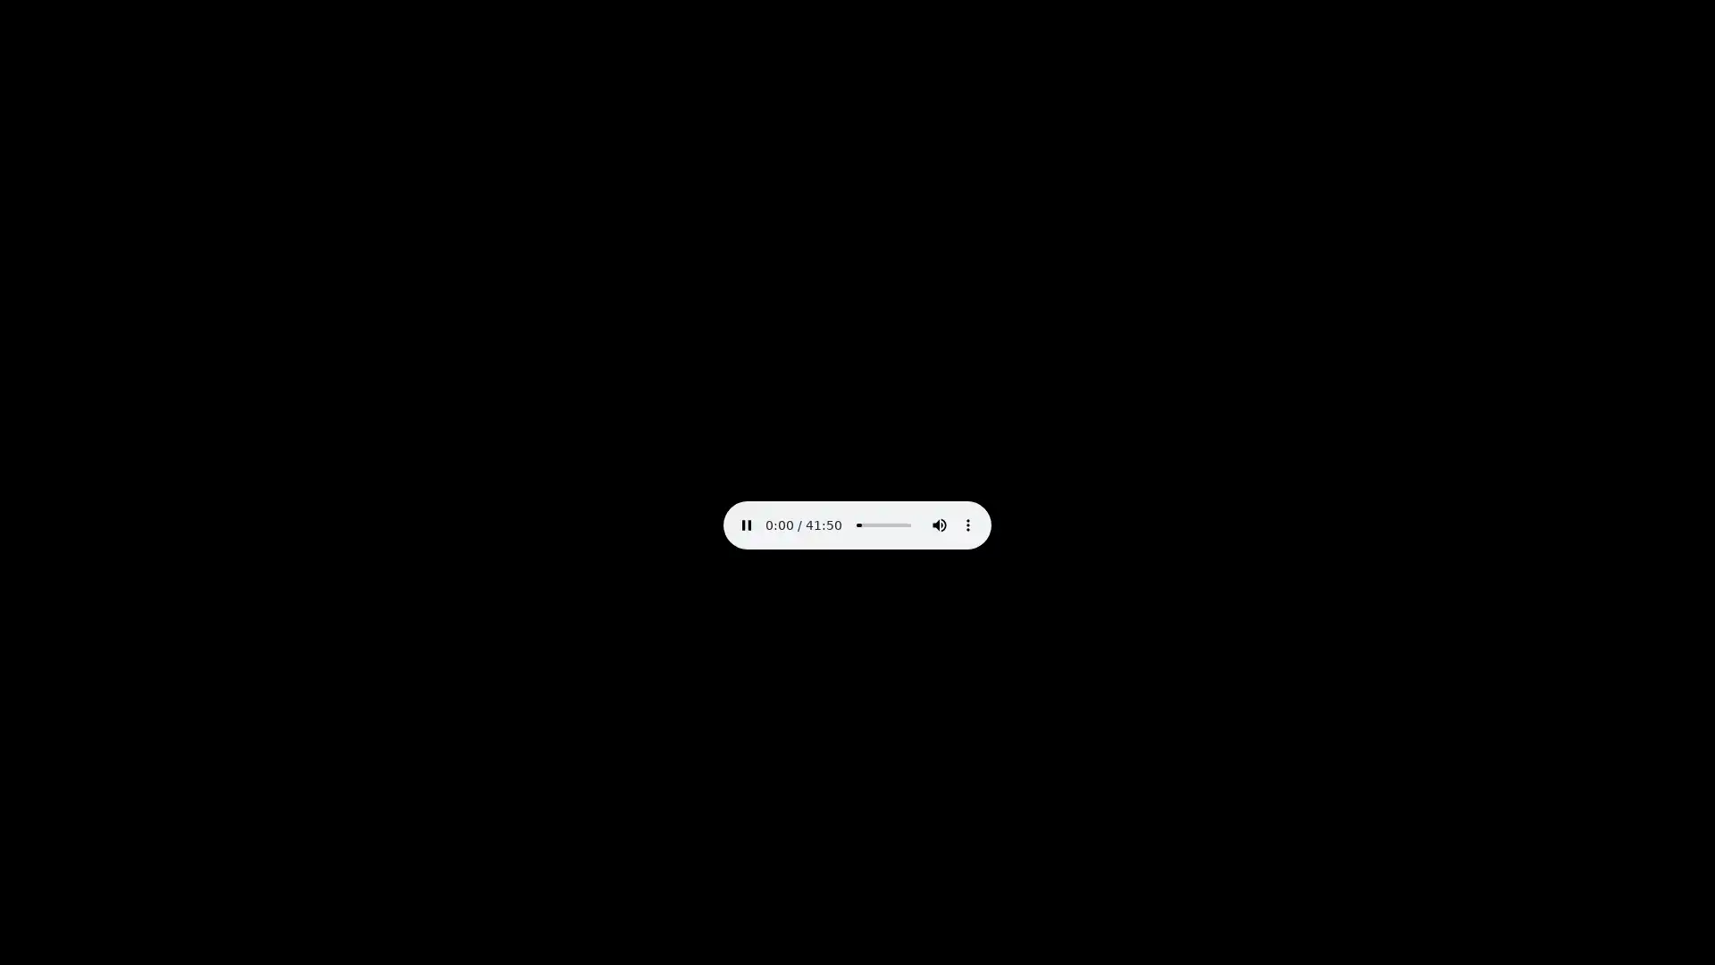  What do you see at coordinates (746, 524) in the screenshot?
I see `pause` at bounding box center [746, 524].